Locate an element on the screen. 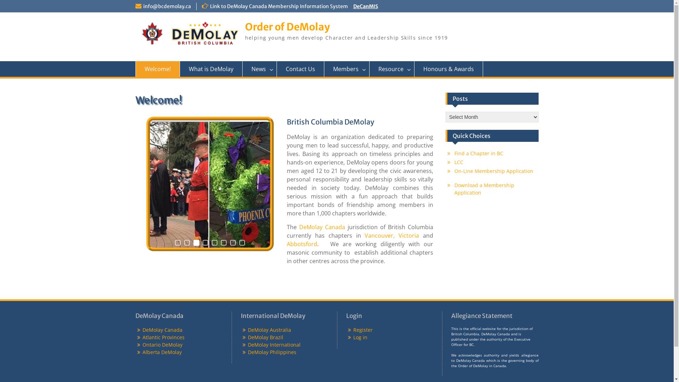  'Ontario DeMolay' is located at coordinates (162, 344).